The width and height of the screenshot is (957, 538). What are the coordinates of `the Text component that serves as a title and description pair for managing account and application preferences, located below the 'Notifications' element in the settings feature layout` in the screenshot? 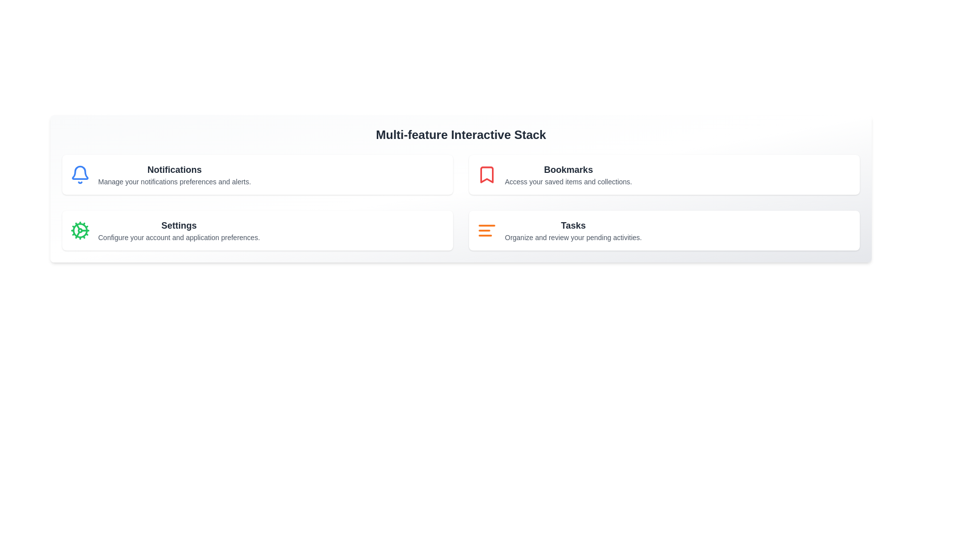 It's located at (179, 230).